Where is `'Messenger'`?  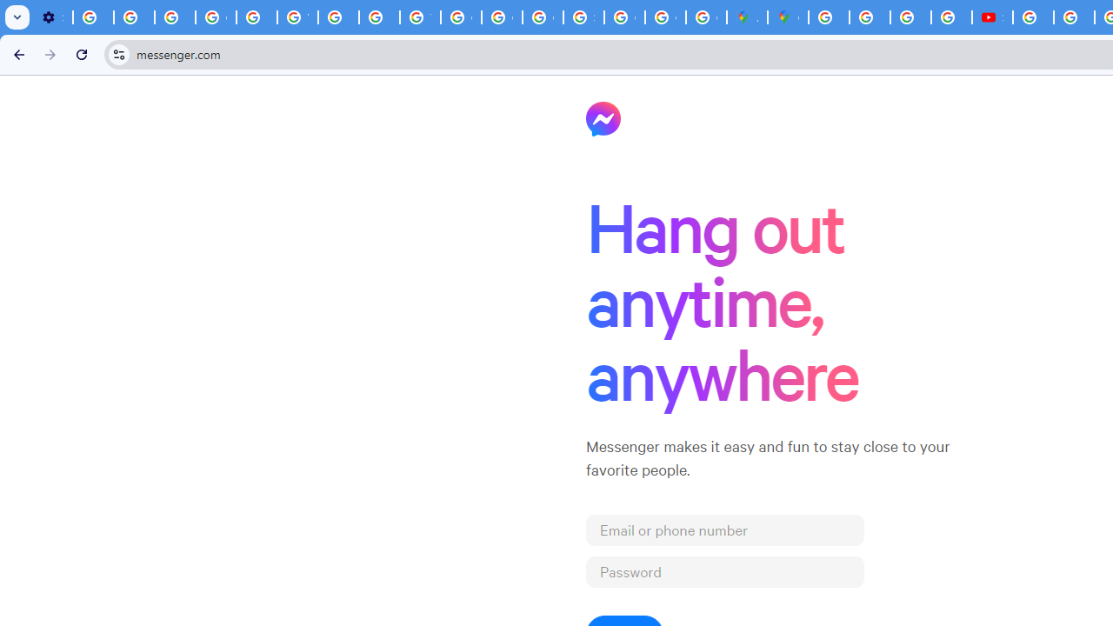
'Messenger' is located at coordinates (603, 117).